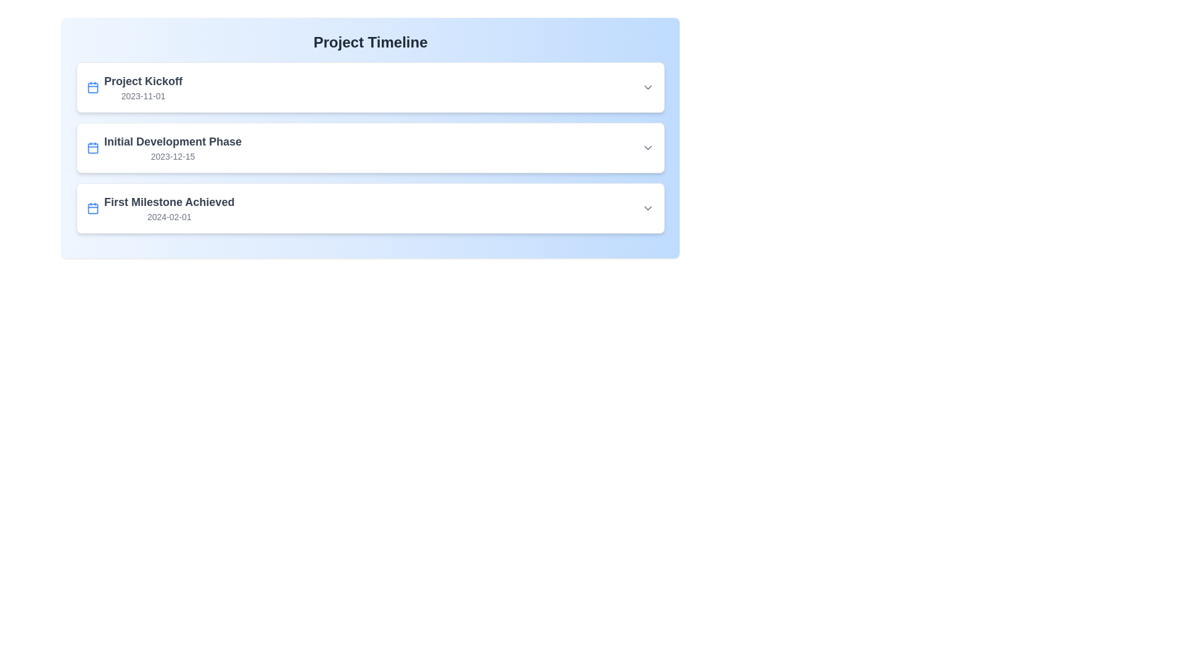 This screenshot has height=666, width=1184. Describe the element at coordinates (92, 147) in the screenshot. I see `the decorative graphical element that is part of the calendar icon, located before the text 'Initial Development Phase' in the second row of the list` at that location.